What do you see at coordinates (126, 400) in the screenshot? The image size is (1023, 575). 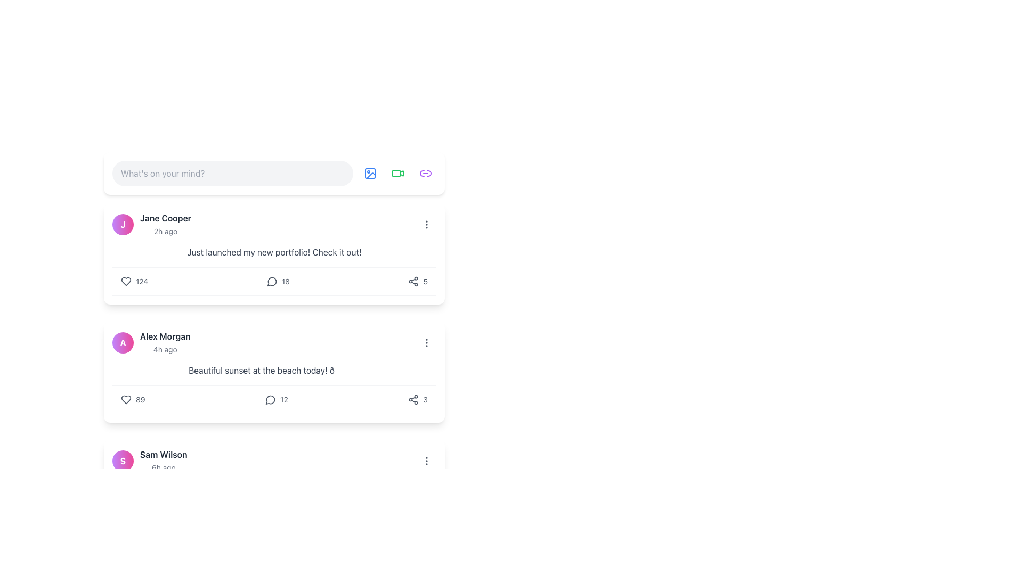 I see `the heart icon located leftmost in the row of interactive elements to register a like for the post` at bounding box center [126, 400].